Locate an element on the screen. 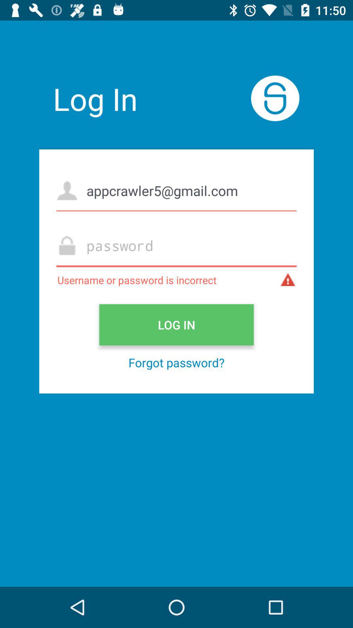 Image resolution: width=353 pixels, height=628 pixels. the appcrawler5@gmail.com icon is located at coordinates (176, 190).